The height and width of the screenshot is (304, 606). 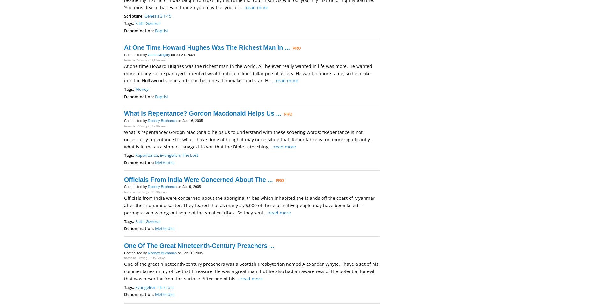 I want to click on 'I Desire Mercy Not Sacrifice', so click(x=384, y=60).